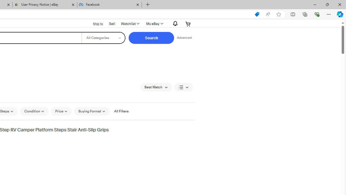 The width and height of the screenshot is (346, 195). What do you see at coordinates (184, 87) in the screenshot?
I see `'View: List View'` at bounding box center [184, 87].